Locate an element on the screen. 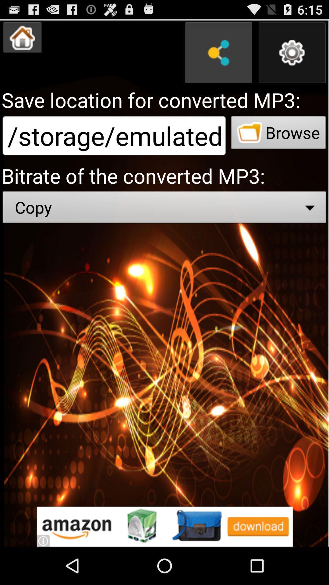 The width and height of the screenshot is (329, 585). the home icon is located at coordinates (22, 40).